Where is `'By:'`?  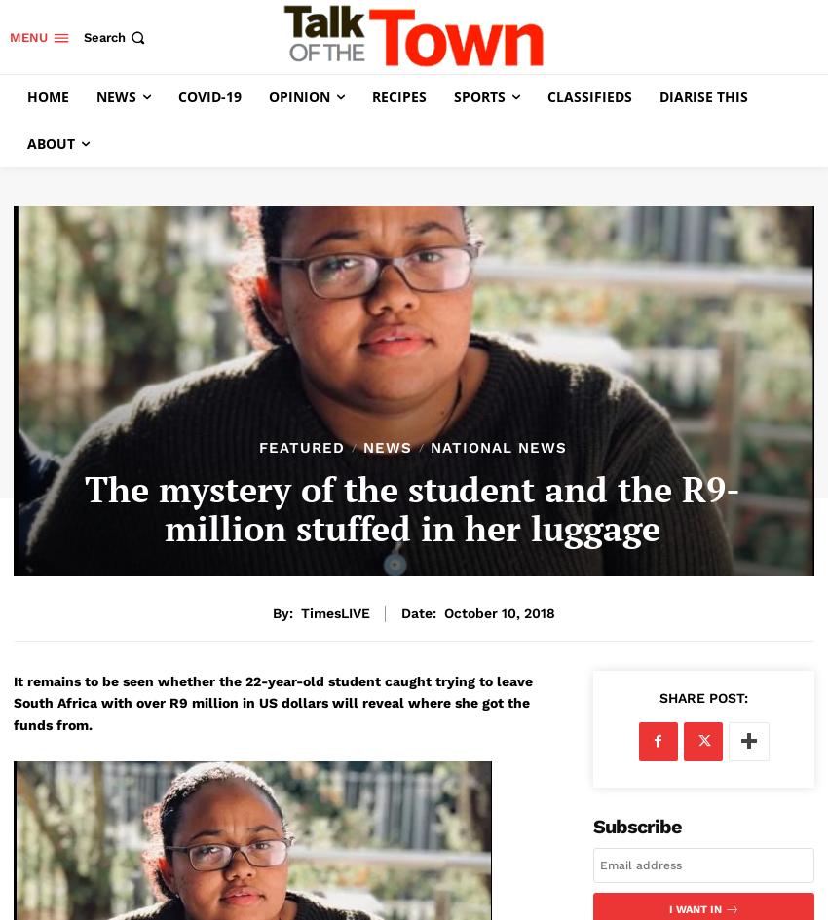
'By:' is located at coordinates (282, 612).